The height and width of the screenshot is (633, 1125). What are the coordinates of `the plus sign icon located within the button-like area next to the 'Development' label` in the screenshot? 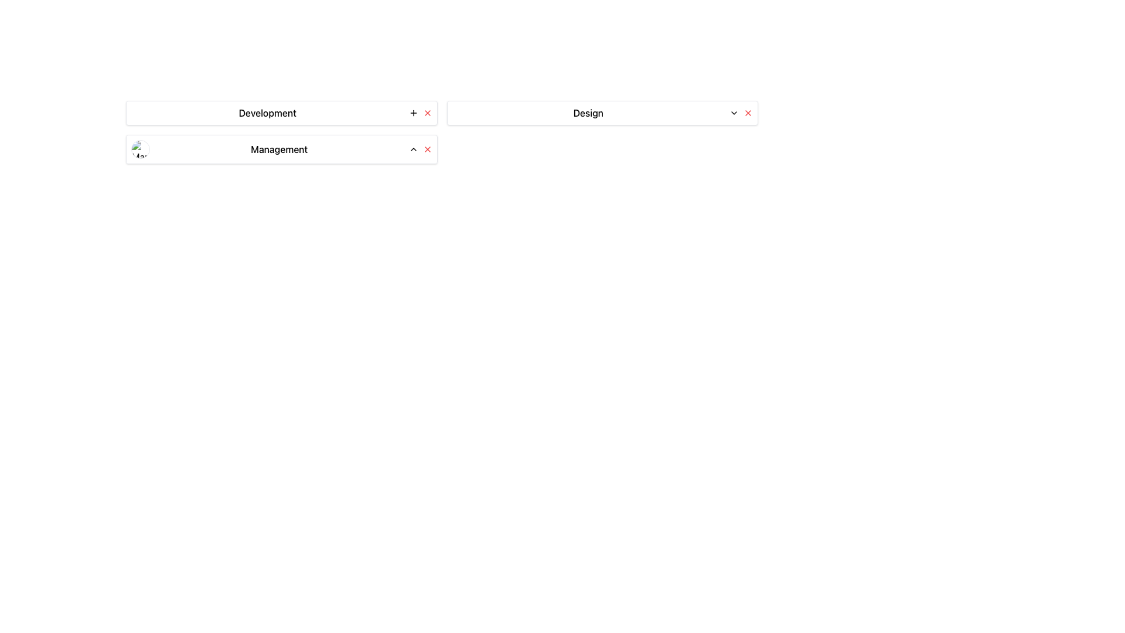 It's located at (413, 113).